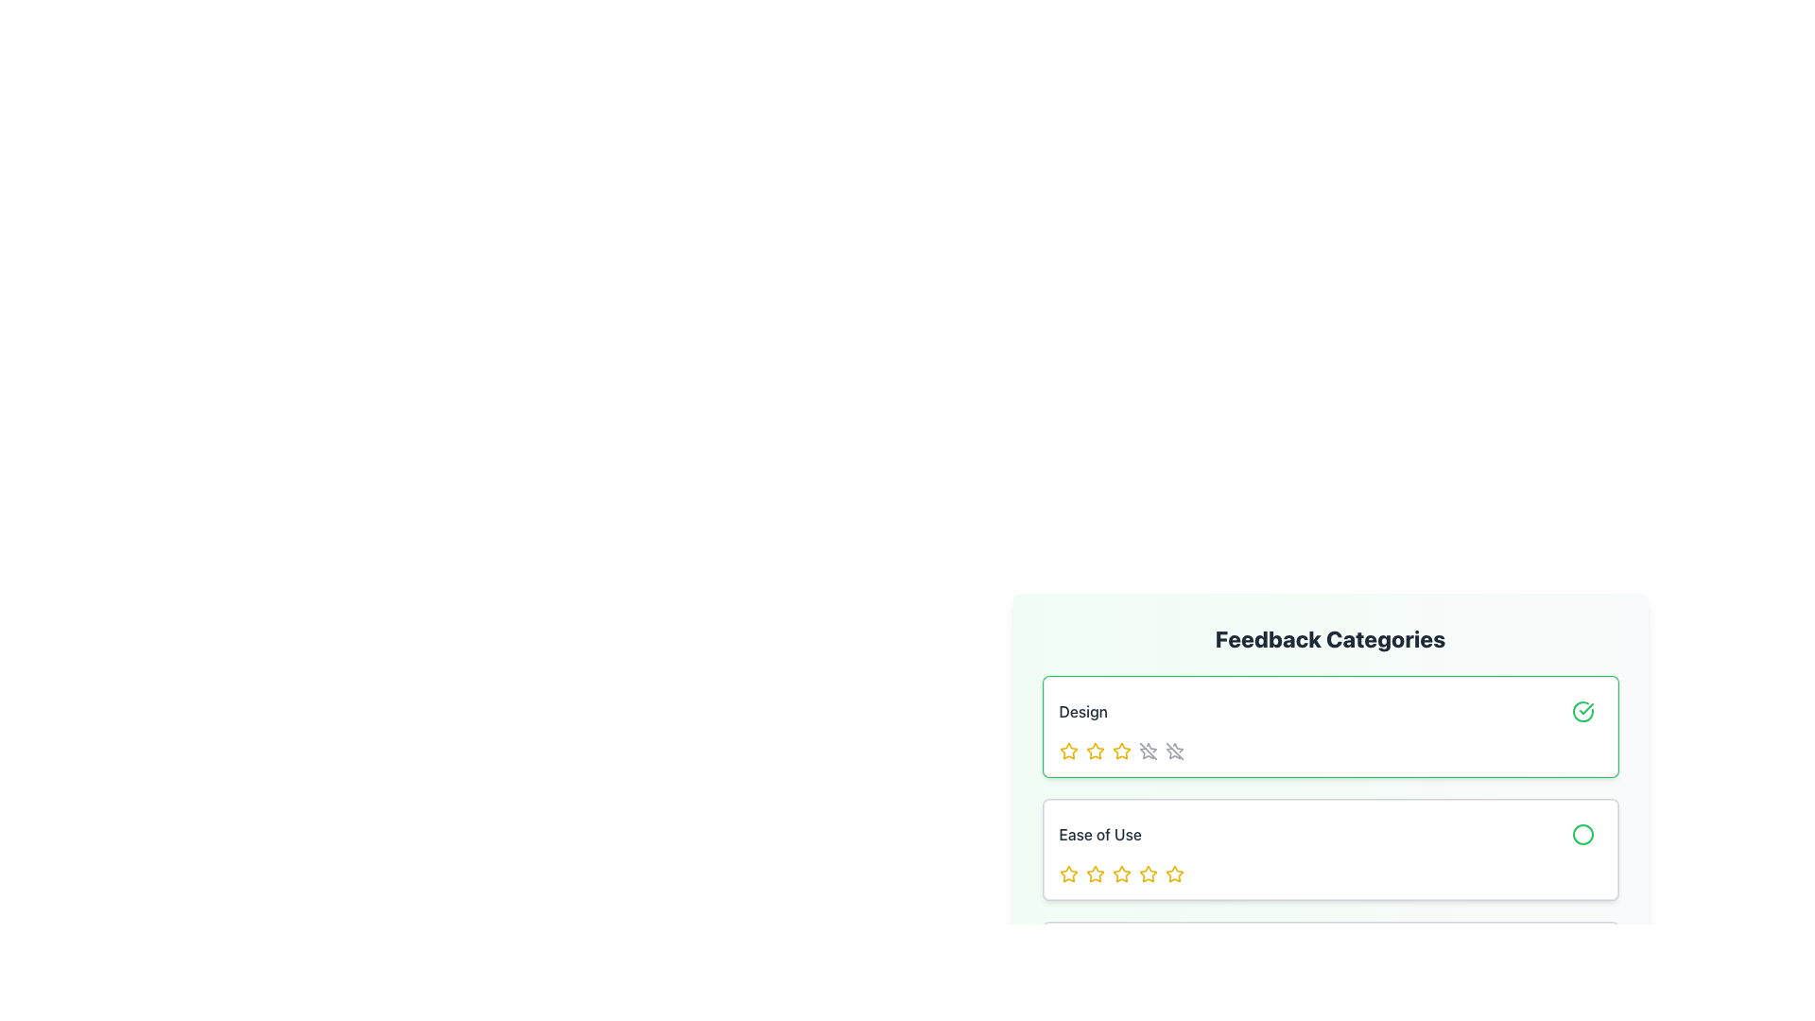  What do you see at coordinates (1121, 750) in the screenshot?
I see `the third star icon in the Design feedback section` at bounding box center [1121, 750].